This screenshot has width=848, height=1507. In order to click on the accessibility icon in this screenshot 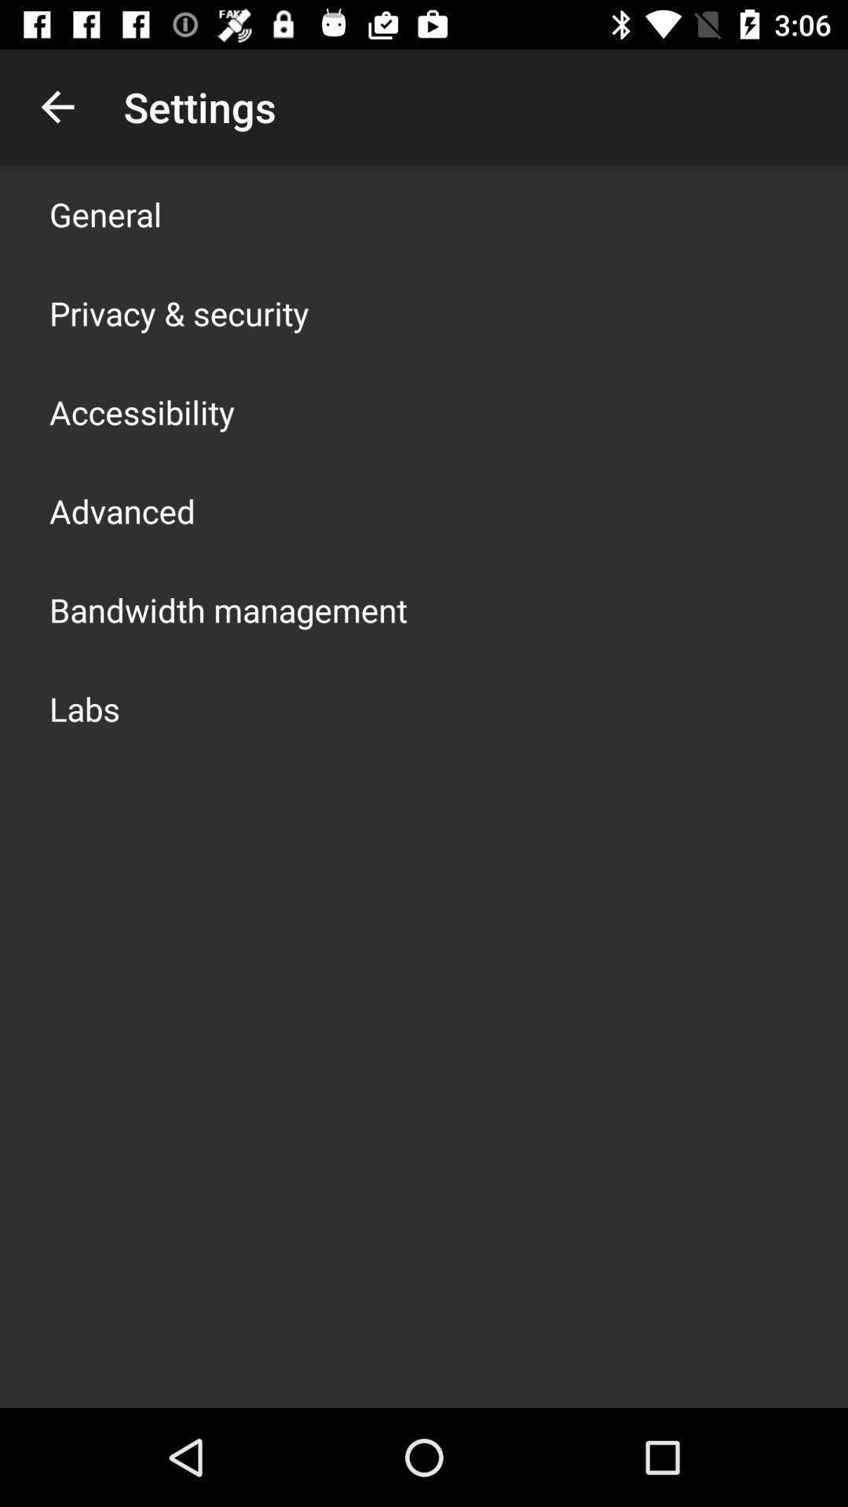, I will do `click(142, 411)`.